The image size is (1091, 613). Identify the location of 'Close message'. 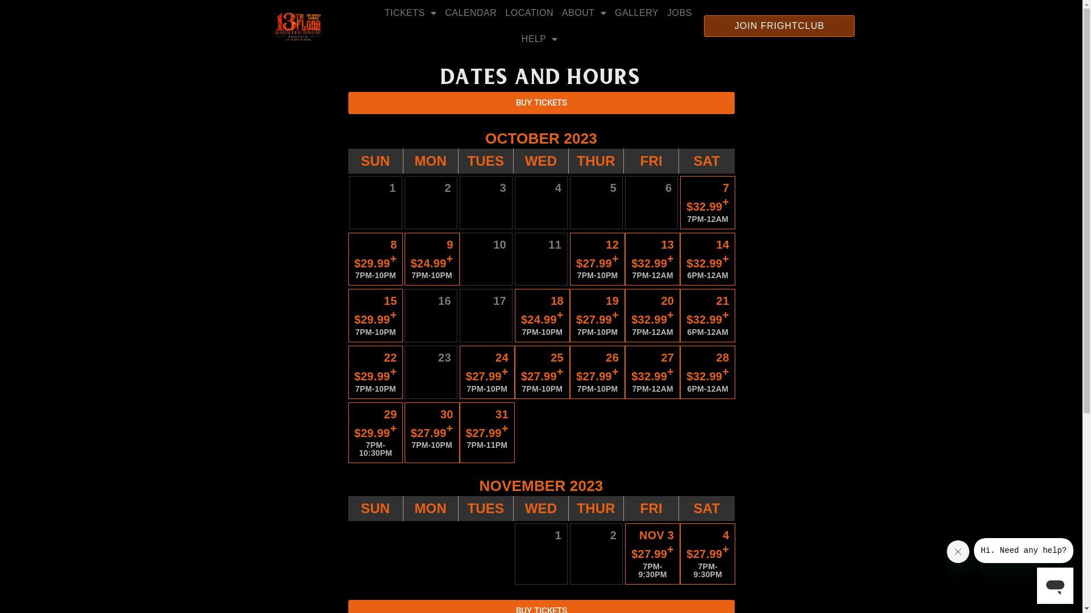
(957, 551).